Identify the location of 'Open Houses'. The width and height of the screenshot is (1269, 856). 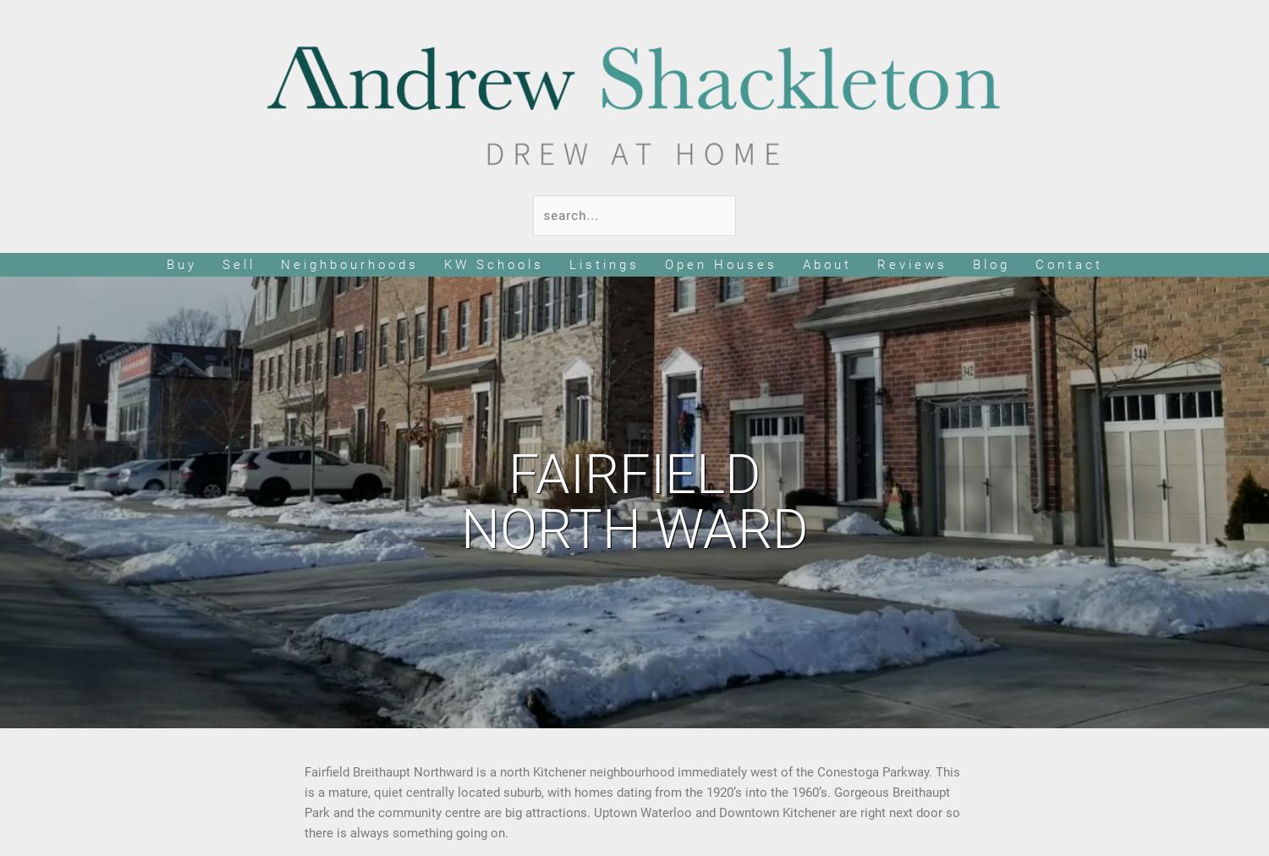
(663, 264).